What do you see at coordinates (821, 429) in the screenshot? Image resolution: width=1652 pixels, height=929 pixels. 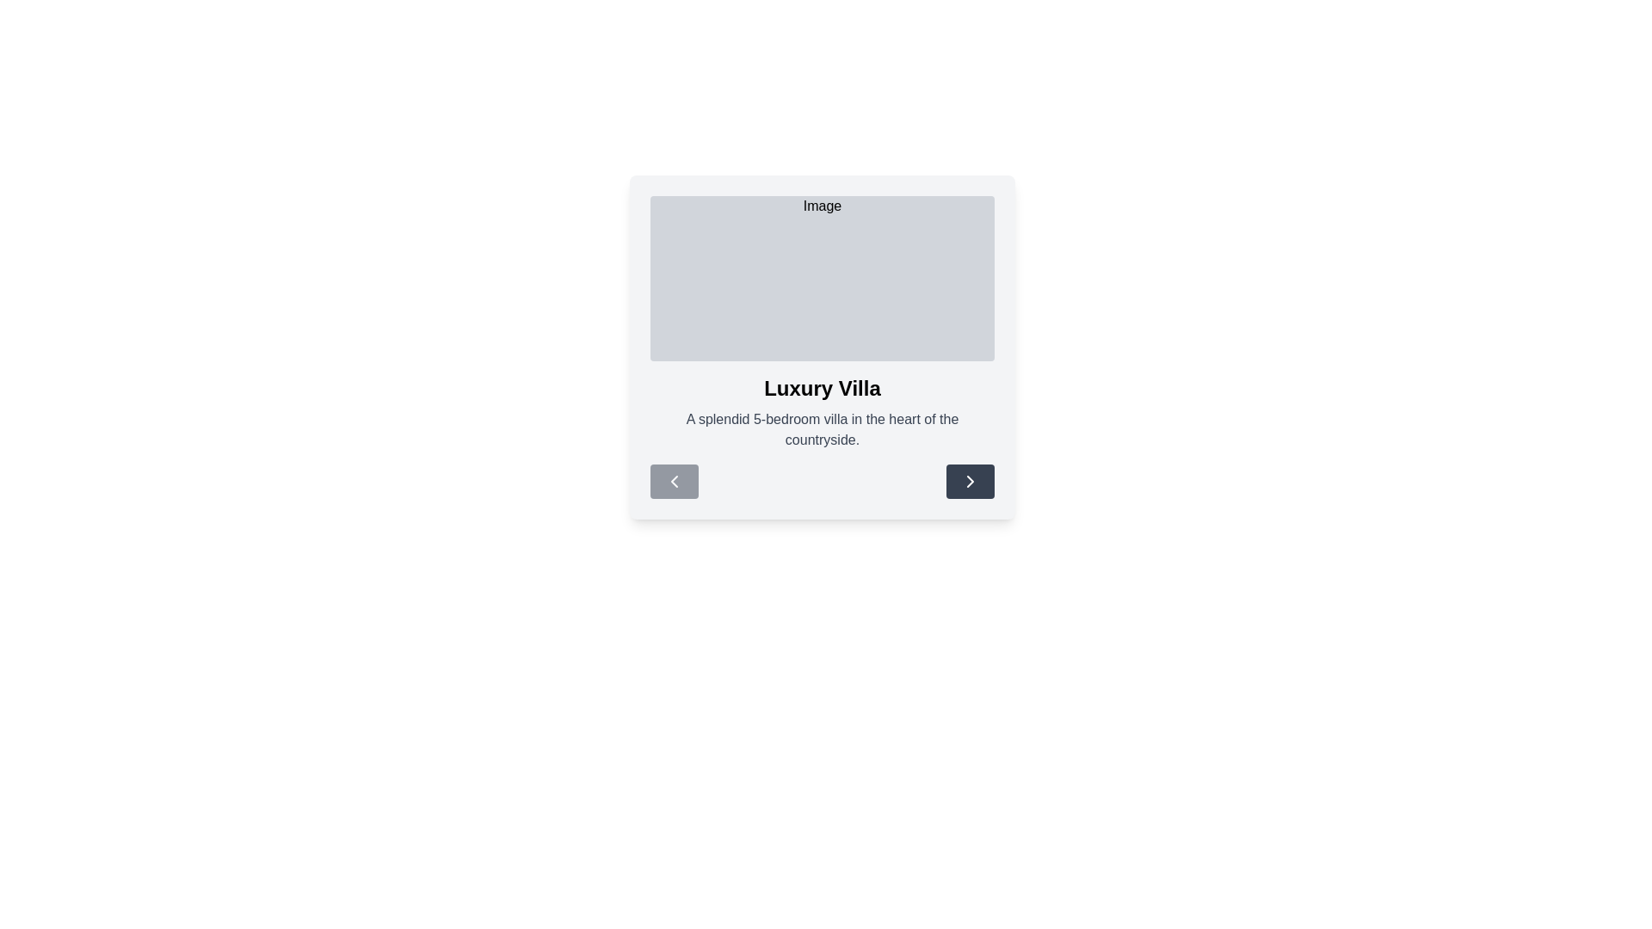 I see `the descriptive text block that displays information about the villa, located below the 'Luxury Villa' title and above the navigation buttons` at bounding box center [821, 429].